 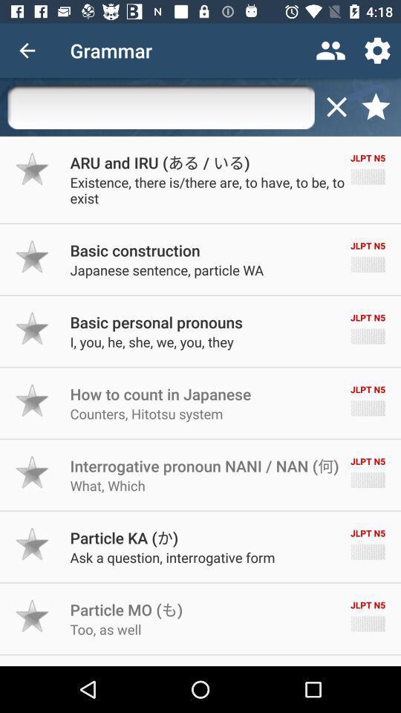 What do you see at coordinates (33, 400) in the screenshot?
I see `make item a favorite` at bounding box center [33, 400].